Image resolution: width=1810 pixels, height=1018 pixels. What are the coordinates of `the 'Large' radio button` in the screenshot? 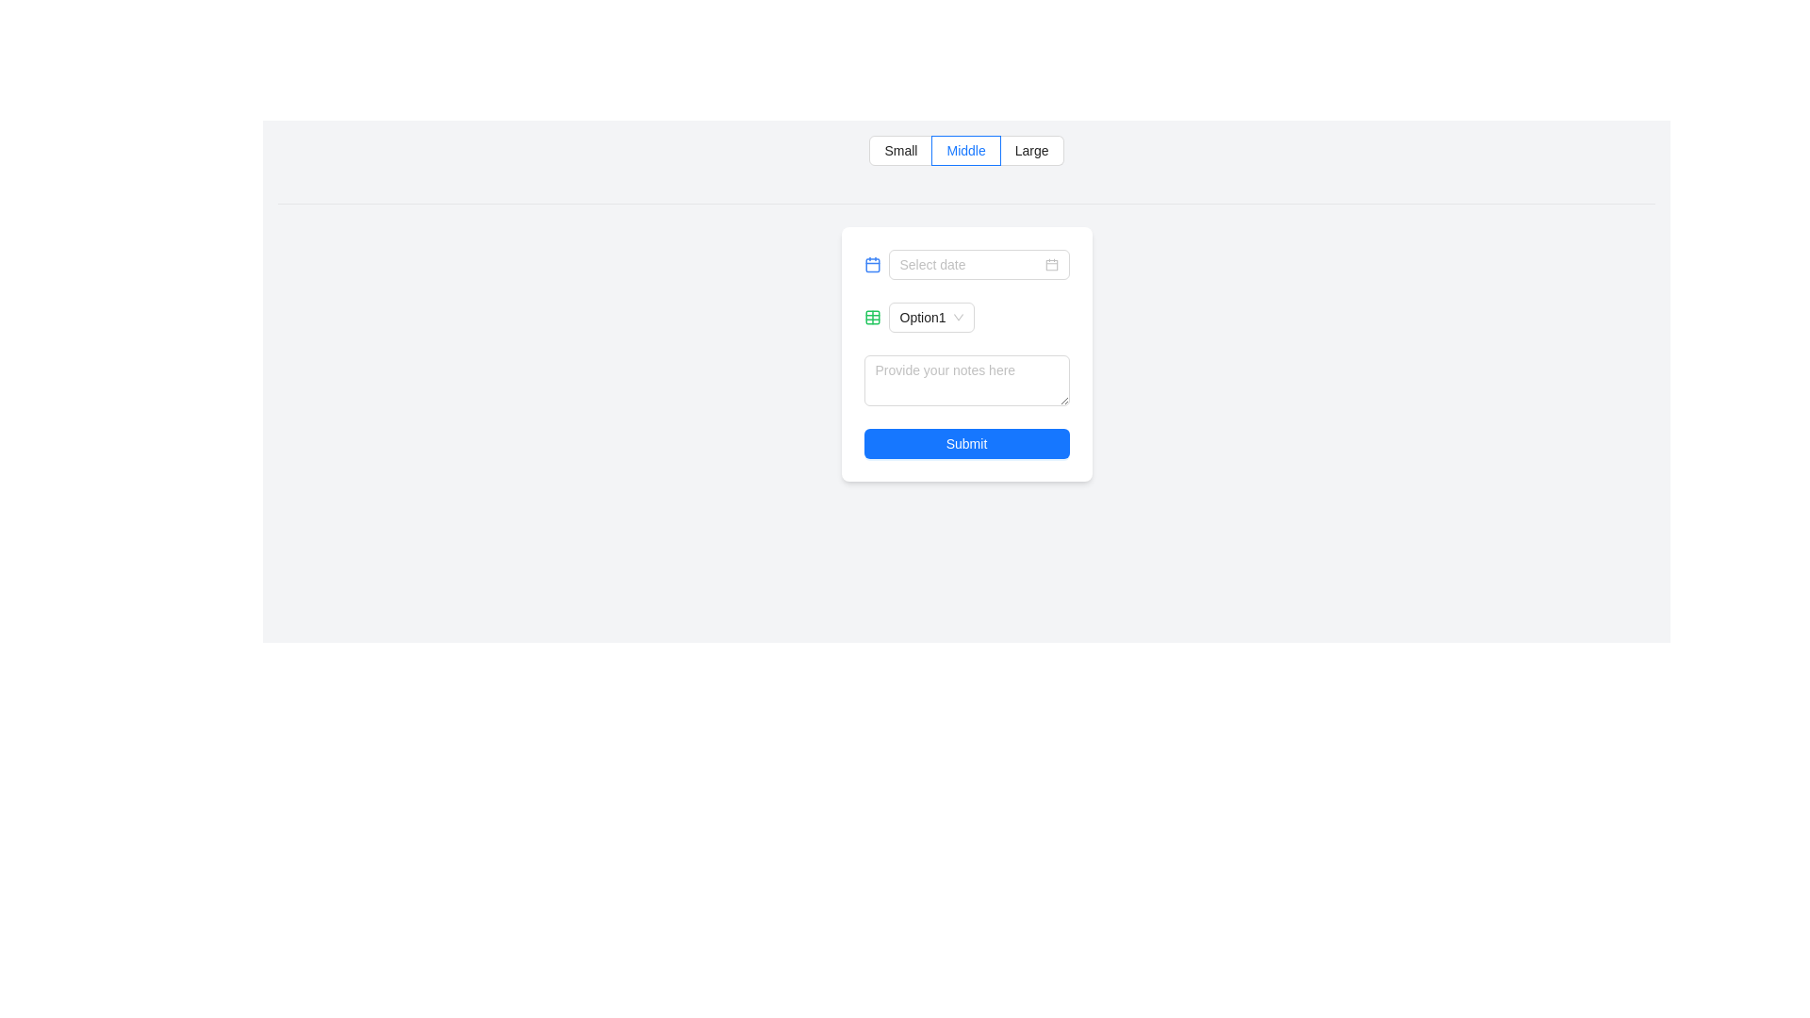 It's located at (1030, 149).